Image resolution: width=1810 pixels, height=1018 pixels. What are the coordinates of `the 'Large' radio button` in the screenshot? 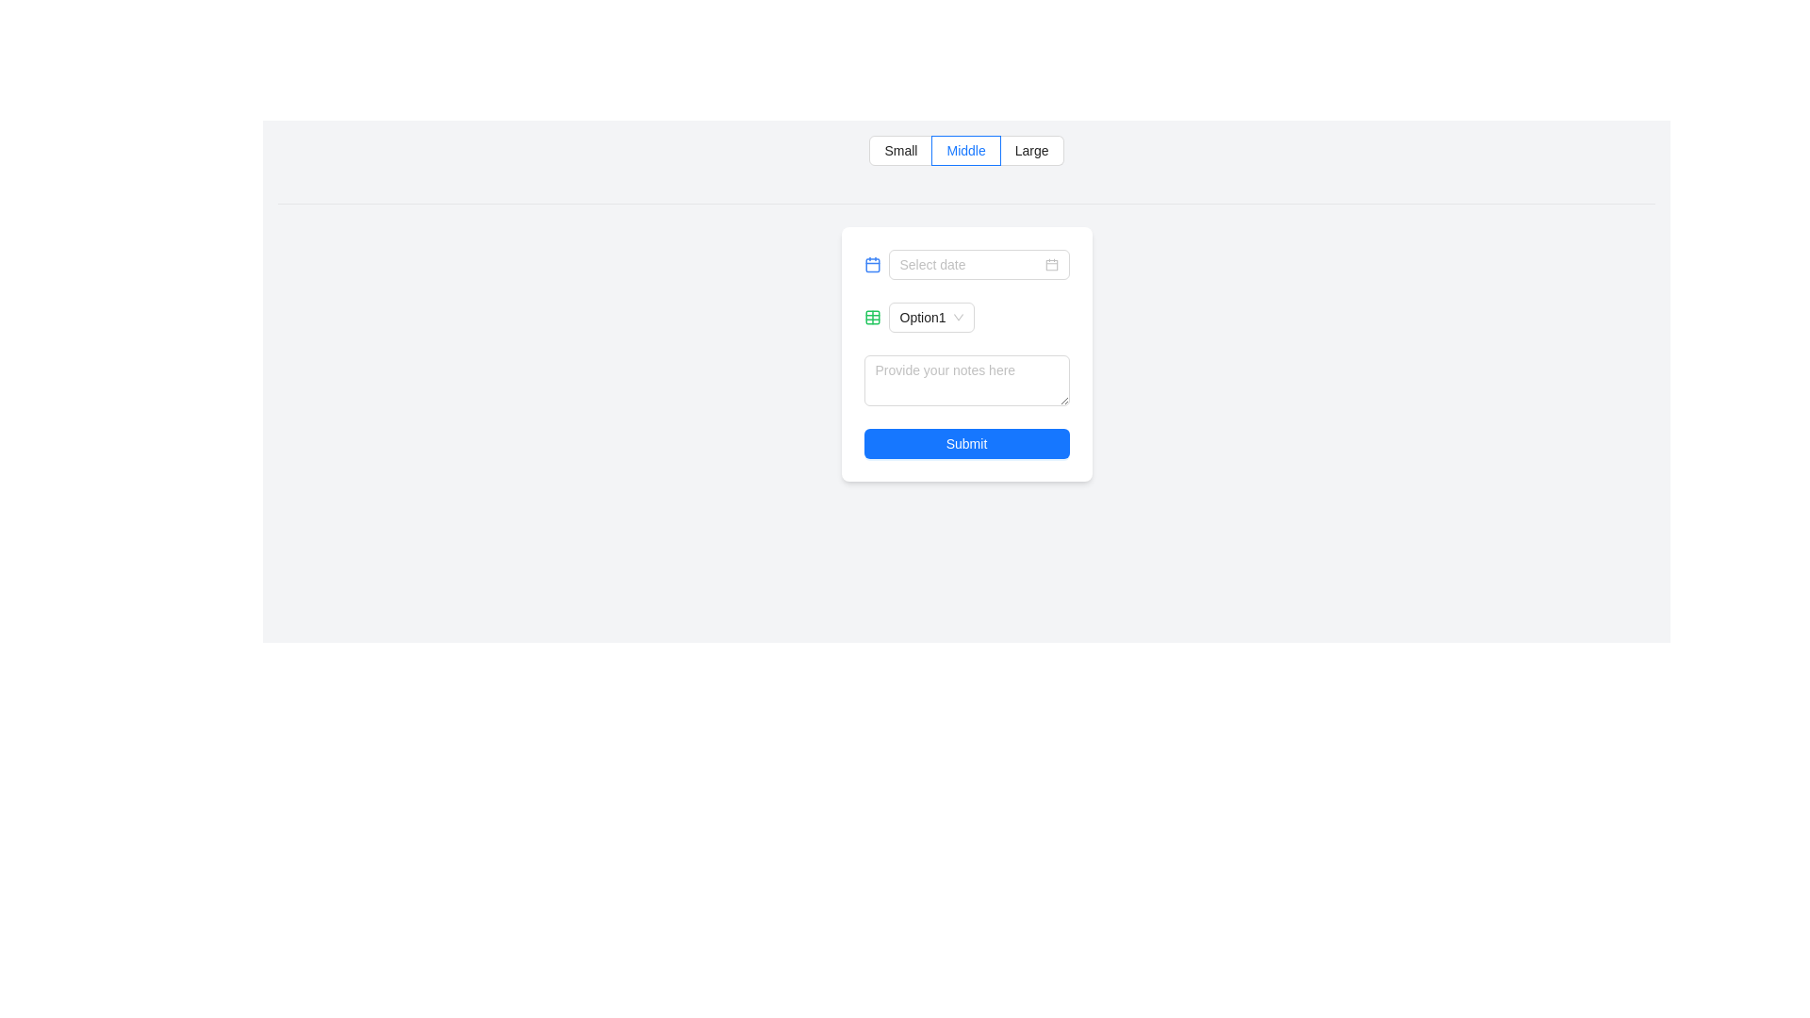 It's located at (1030, 149).